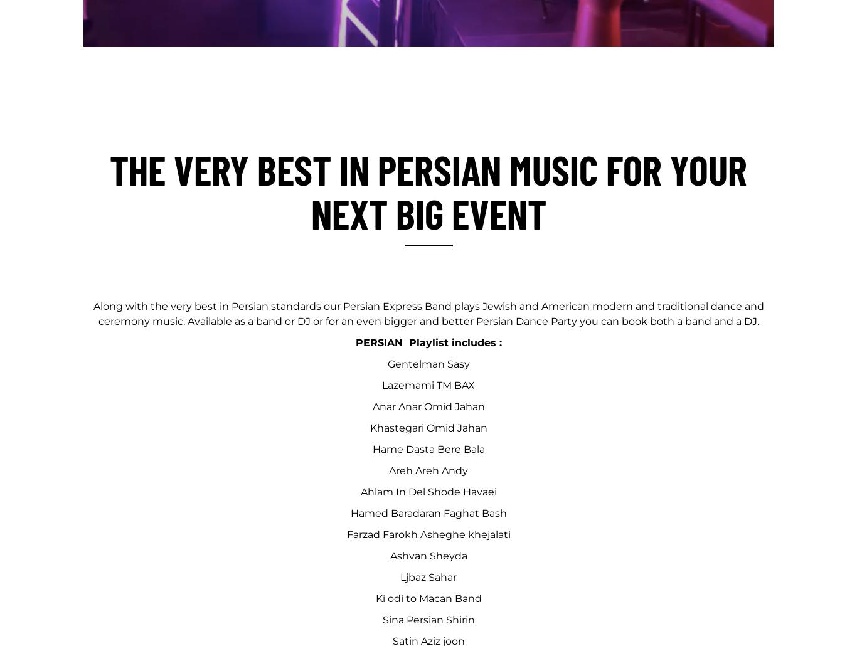 This screenshot has width=857, height=646. What do you see at coordinates (428, 577) in the screenshot?
I see `'Ljbaz Sahar'` at bounding box center [428, 577].